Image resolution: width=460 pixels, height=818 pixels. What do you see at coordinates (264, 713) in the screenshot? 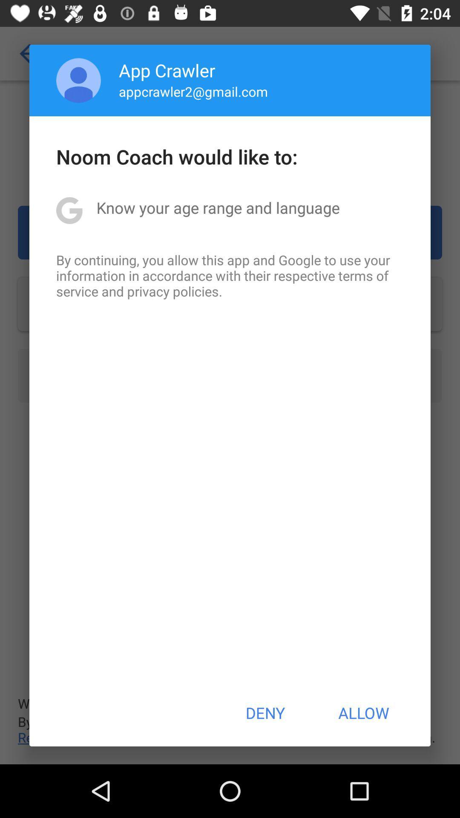
I see `deny icon` at bounding box center [264, 713].